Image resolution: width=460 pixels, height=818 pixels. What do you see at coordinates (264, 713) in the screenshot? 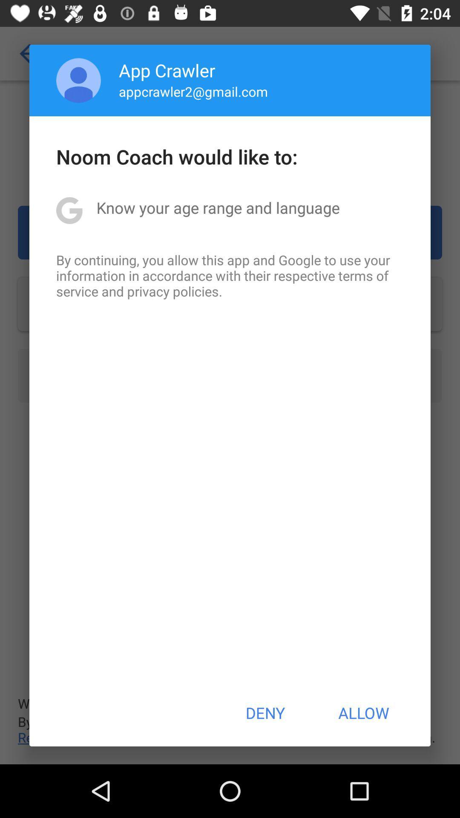
I see `deny icon` at bounding box center [264, 713].